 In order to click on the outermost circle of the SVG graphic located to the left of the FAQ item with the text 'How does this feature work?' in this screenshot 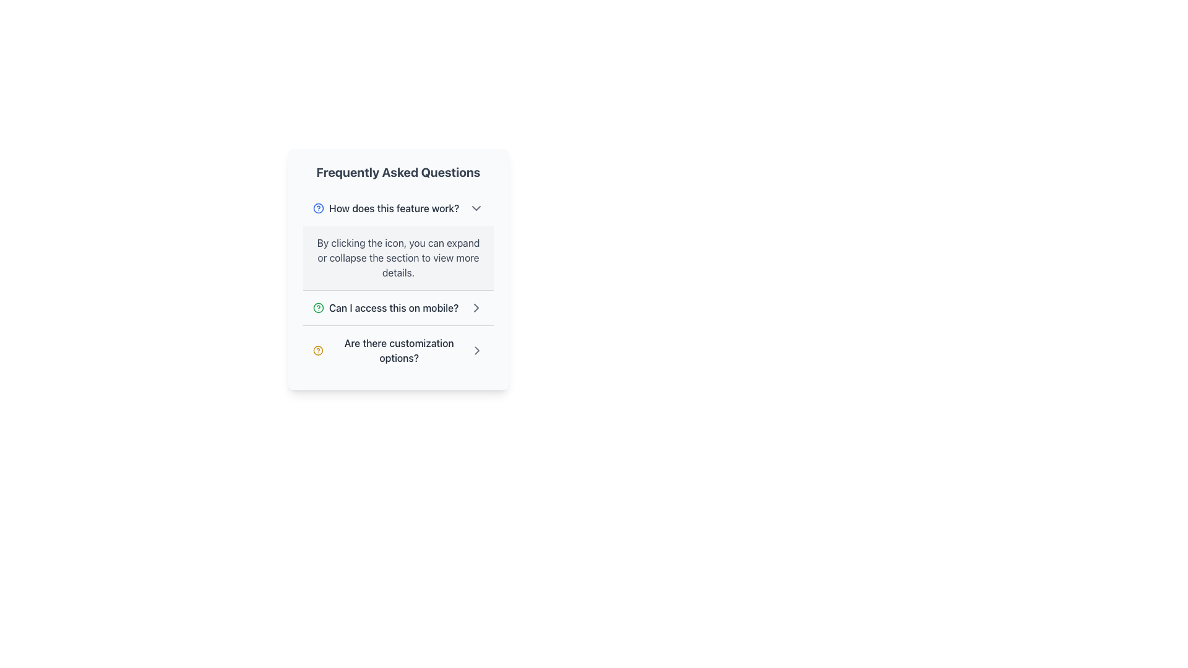, I will do `click(318, 307)`.